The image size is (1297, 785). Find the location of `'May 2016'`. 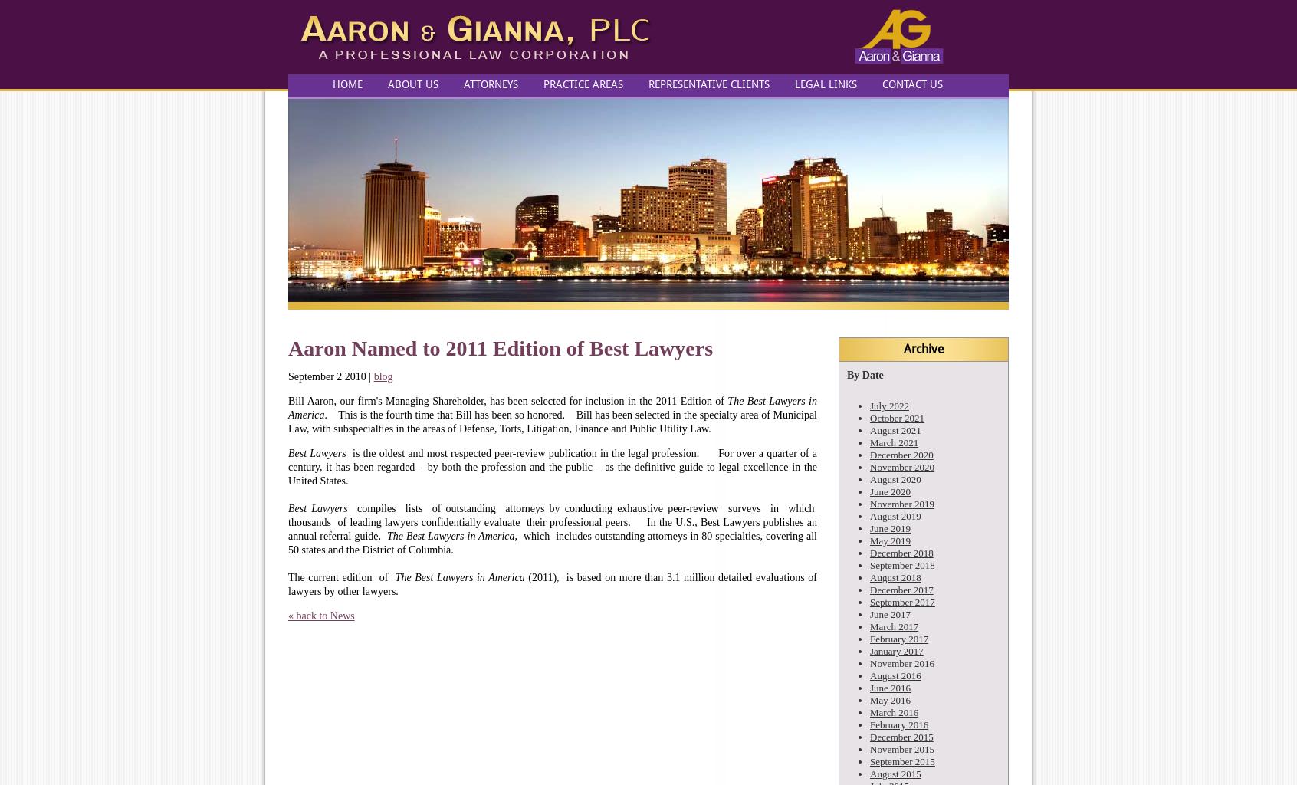

'May 2016' is located at coordinates (868, 699).